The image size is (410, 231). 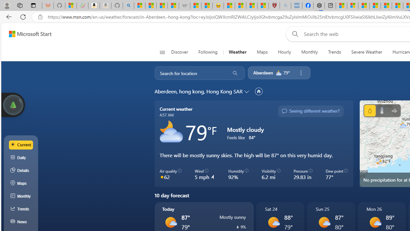 I want to click on 'Class: button-glyph', so click(x=162, y=52).